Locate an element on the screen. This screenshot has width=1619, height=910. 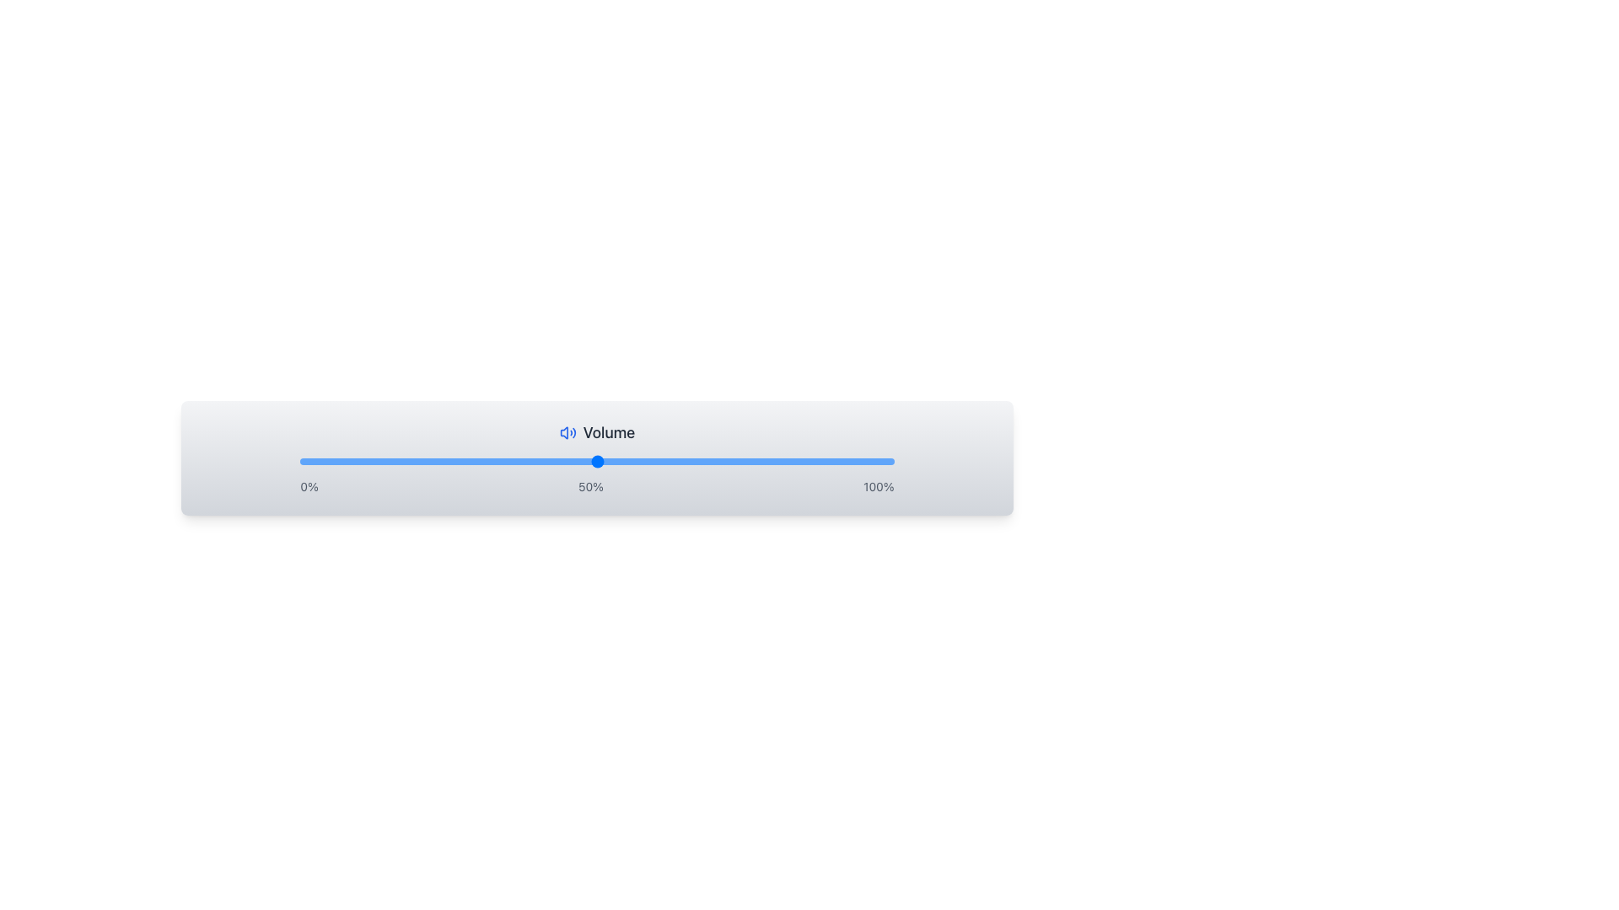
the volume is located at coordinates (412, 461).